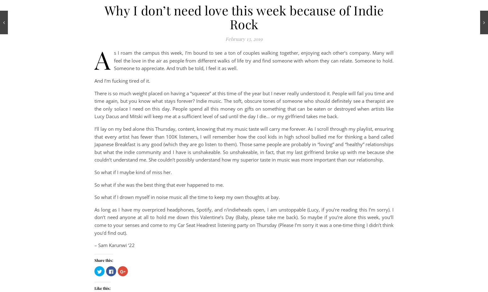  I want to click on 'So what if I drown myself in noise music all the time to keep my own thoughts at bay.', so click(187, 196).